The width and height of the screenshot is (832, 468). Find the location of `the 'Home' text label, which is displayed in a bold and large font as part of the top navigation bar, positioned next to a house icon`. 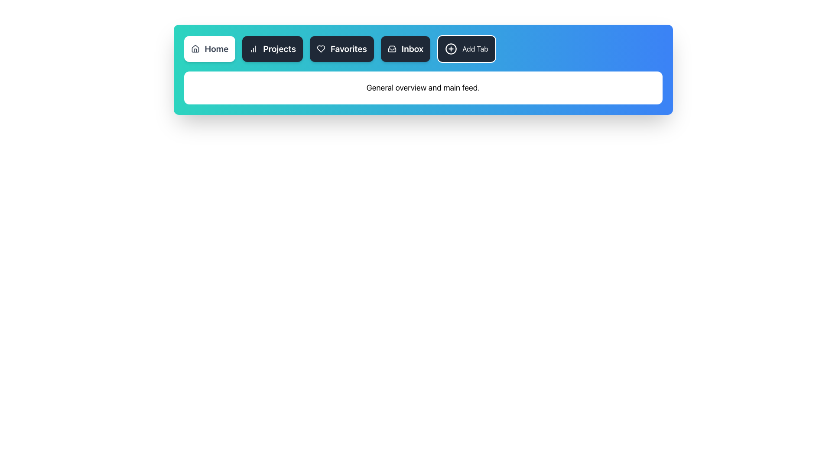

the 'Home' text label, which is displayed in a bold and large font as part of the top navigation bar, positioned next to a house icon is located at coordinates (216, 49).